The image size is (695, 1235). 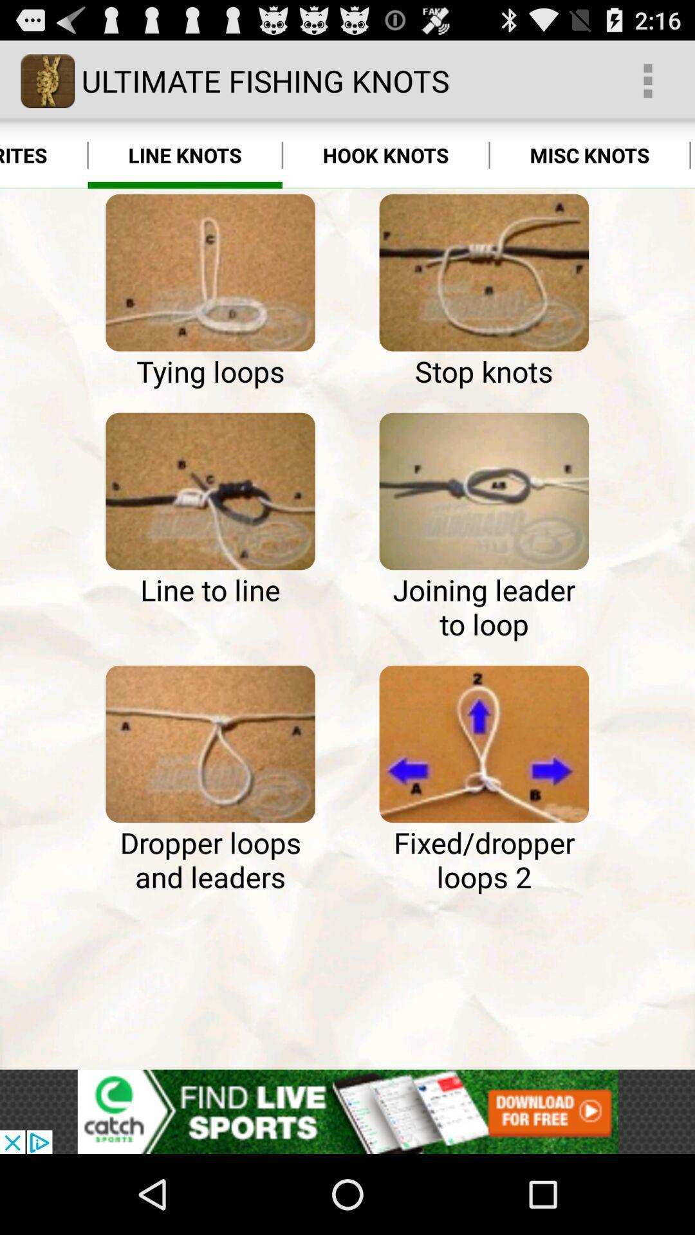 I want to click on types of loop, so click(x=484, y=490).